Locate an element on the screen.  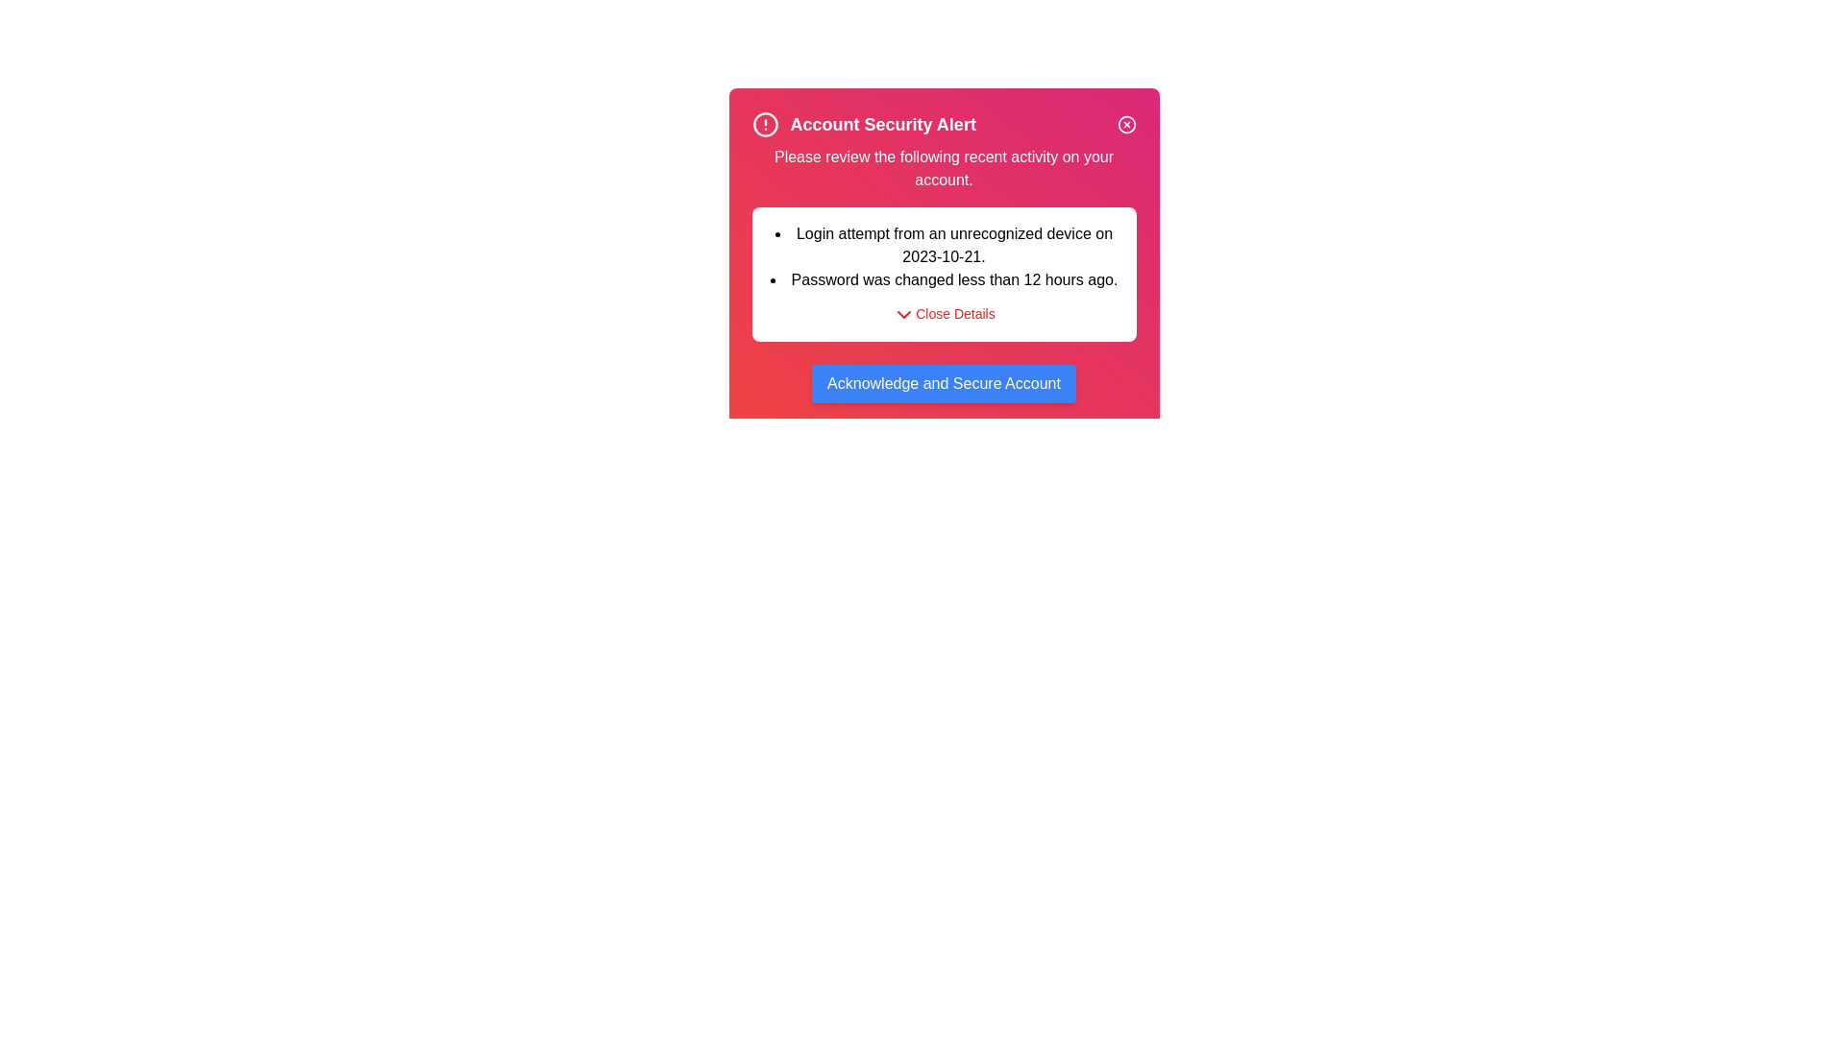
the 'Account Security Alert' header-style component, which features a bold text next to an alert icon on a gradient red background is located at coordinates (863, 125).